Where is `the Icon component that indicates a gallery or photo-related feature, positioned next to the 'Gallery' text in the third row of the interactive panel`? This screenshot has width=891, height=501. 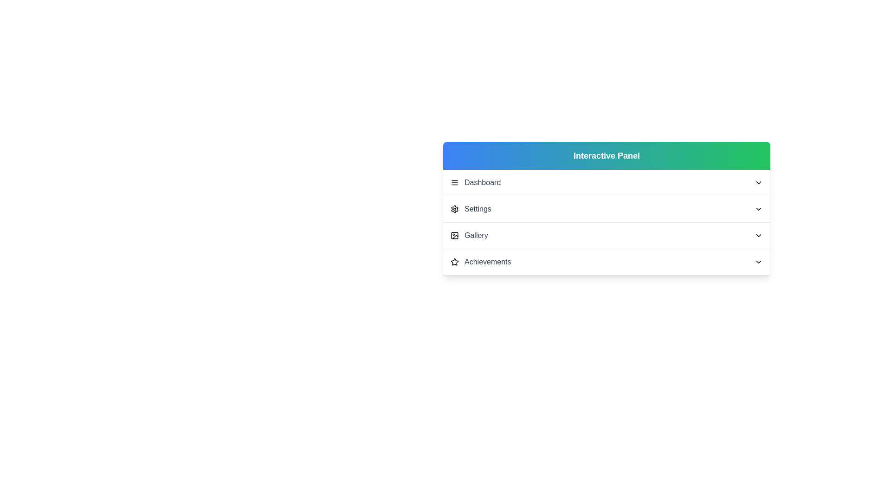
the Icon component that indicates a gallery or photo-related feature, positioned next to the 'Gallery' text in the third row of the interactive panel is located at coordinates (454, 235).